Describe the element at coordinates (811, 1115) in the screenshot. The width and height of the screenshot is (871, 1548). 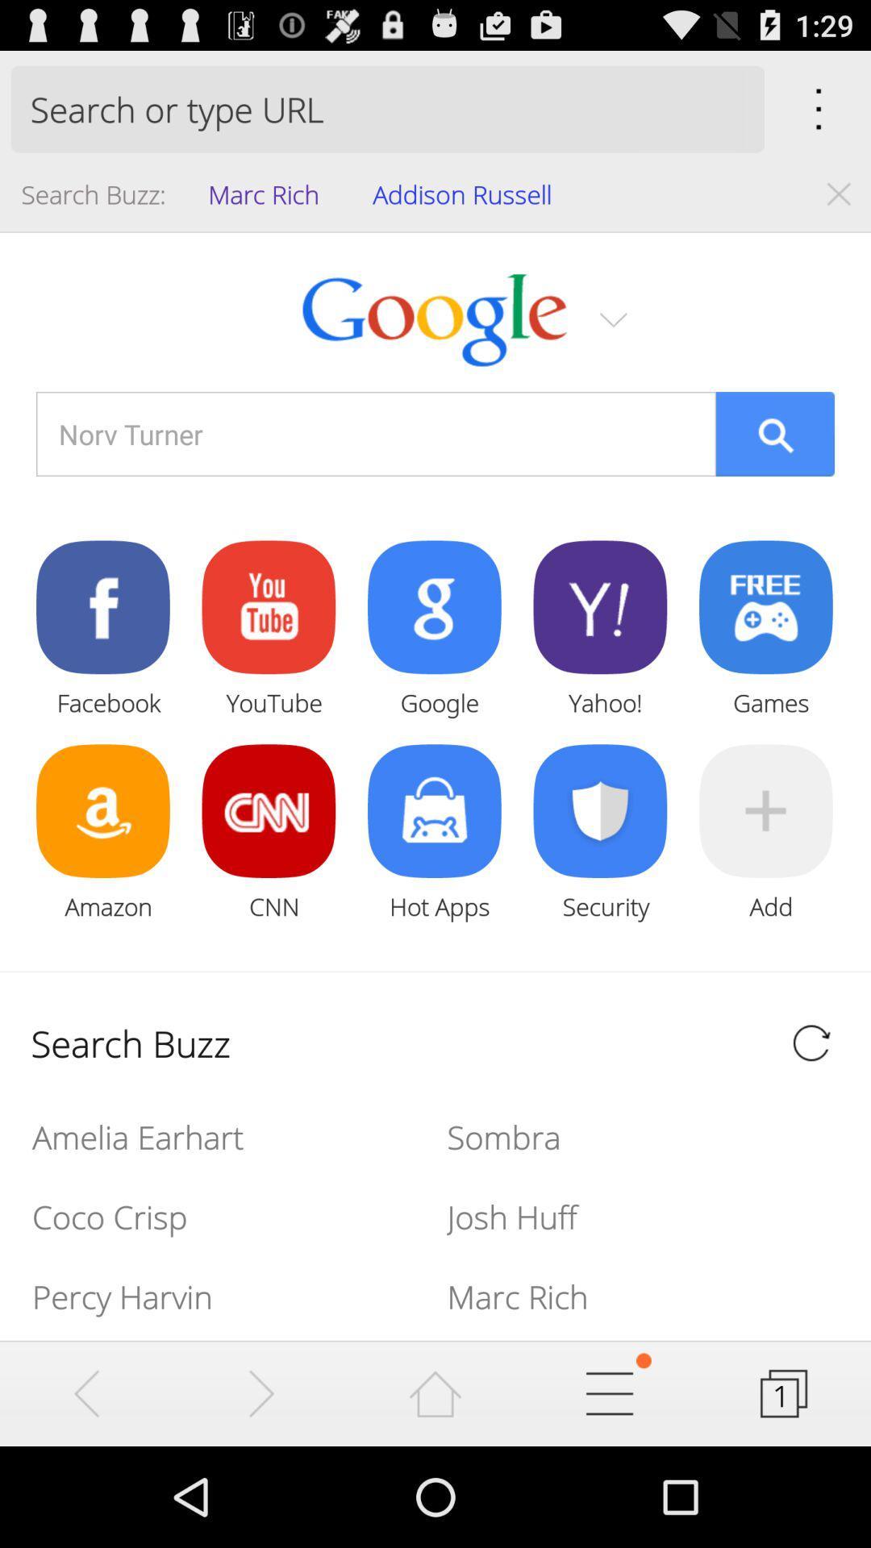
I see `the refresh icon` at that location.